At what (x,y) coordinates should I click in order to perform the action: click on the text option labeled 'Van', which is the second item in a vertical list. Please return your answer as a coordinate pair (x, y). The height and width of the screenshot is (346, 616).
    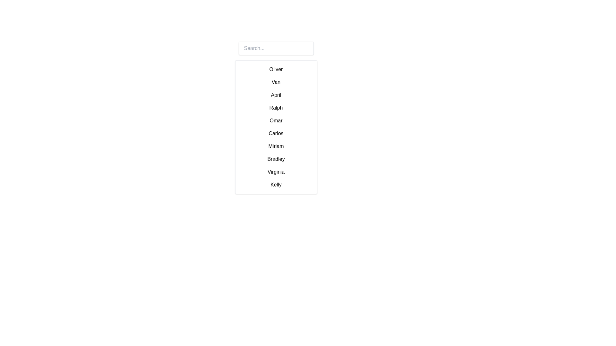
    Looking at the image, I should click on (276, 82).